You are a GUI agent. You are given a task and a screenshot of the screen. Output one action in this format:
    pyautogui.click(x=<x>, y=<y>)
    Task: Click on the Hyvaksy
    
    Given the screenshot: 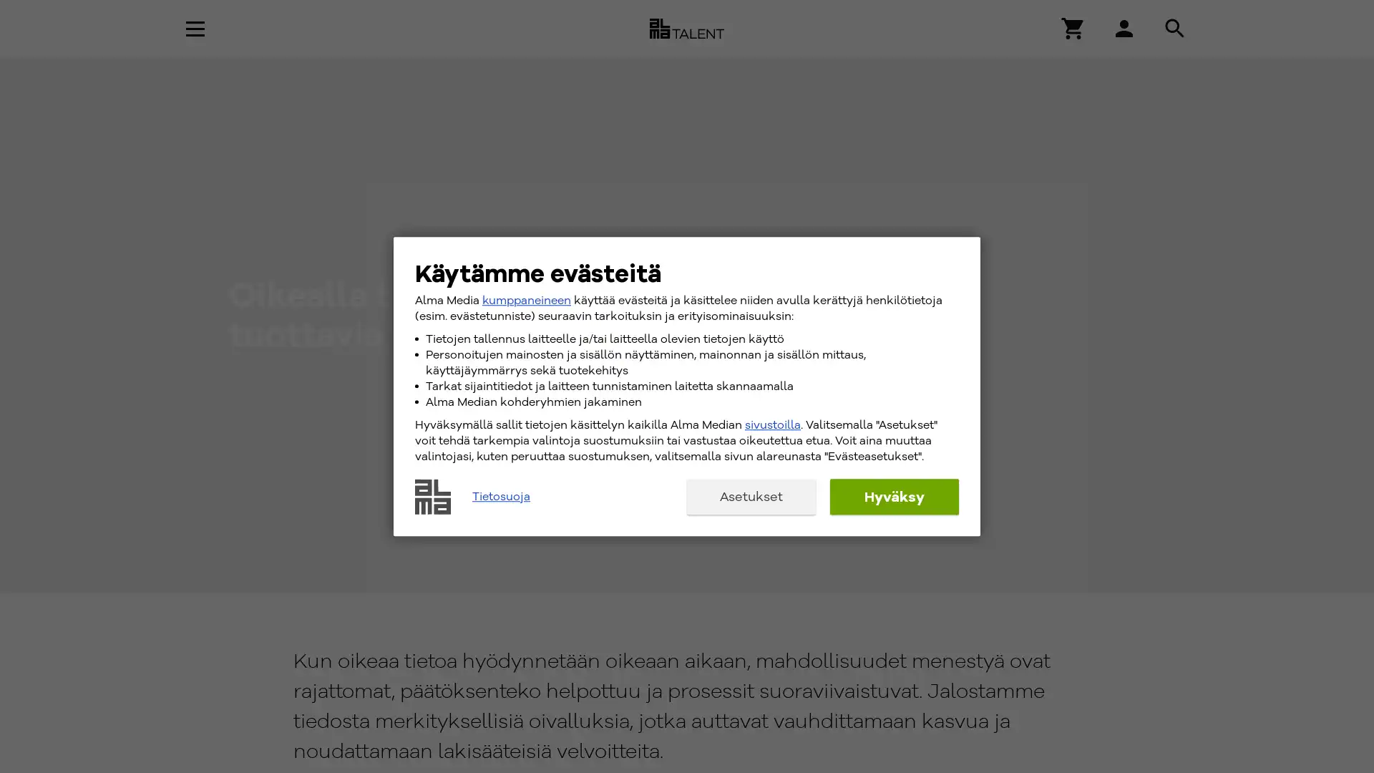 What is the action you would take?
    pyautogui.click(x=893, y=495)
    